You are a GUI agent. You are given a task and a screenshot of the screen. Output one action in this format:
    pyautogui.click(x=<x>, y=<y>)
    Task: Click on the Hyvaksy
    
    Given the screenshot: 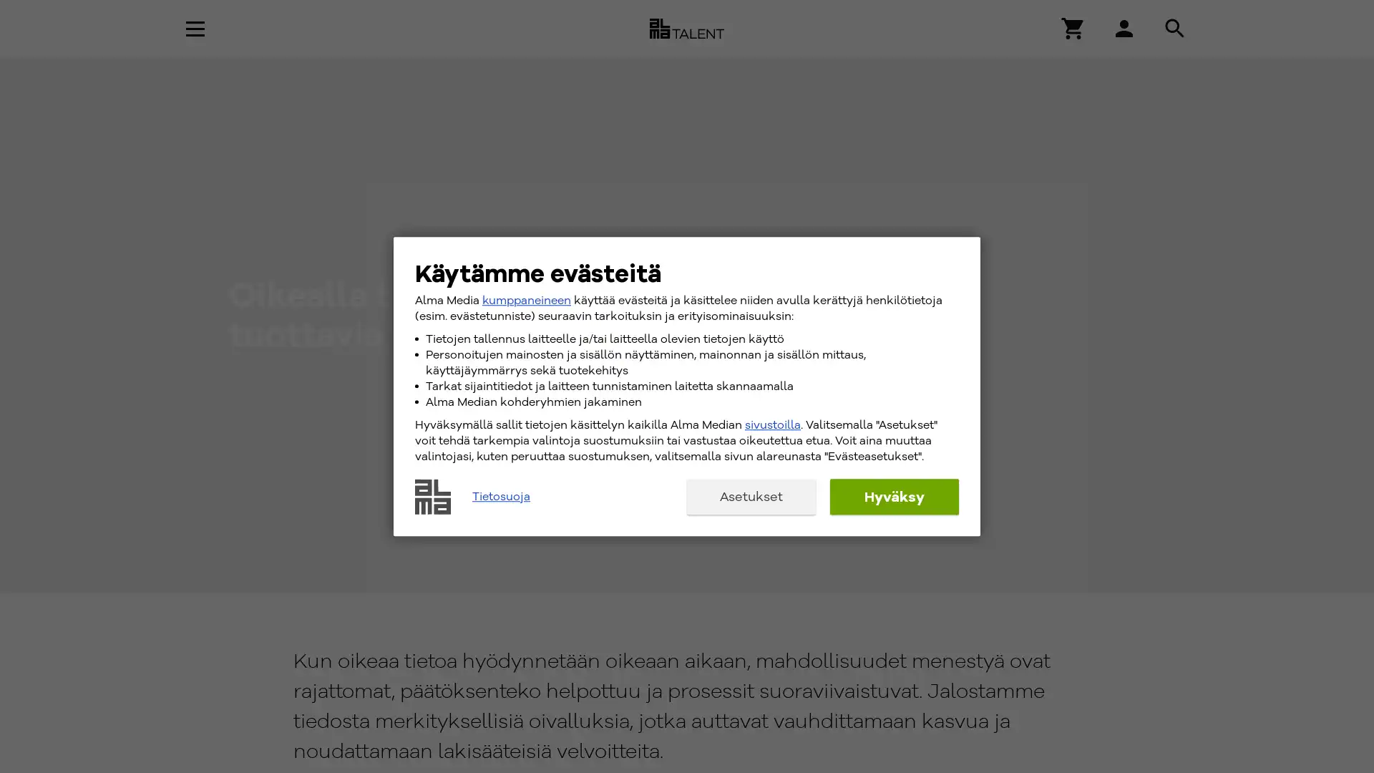 What is the action you would take?
    pyautogui.click(x=893, y=495)
    